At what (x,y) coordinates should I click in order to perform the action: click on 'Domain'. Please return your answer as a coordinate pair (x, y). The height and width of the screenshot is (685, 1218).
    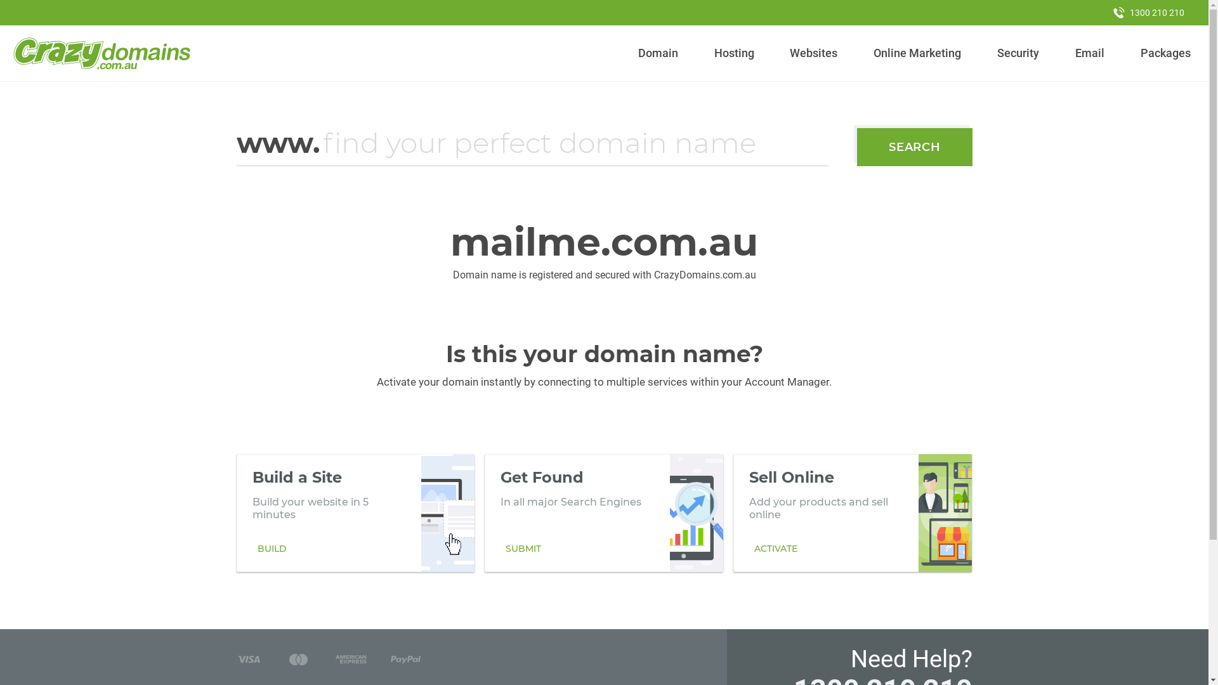
    Looking at the image, I should click on (633, 53).